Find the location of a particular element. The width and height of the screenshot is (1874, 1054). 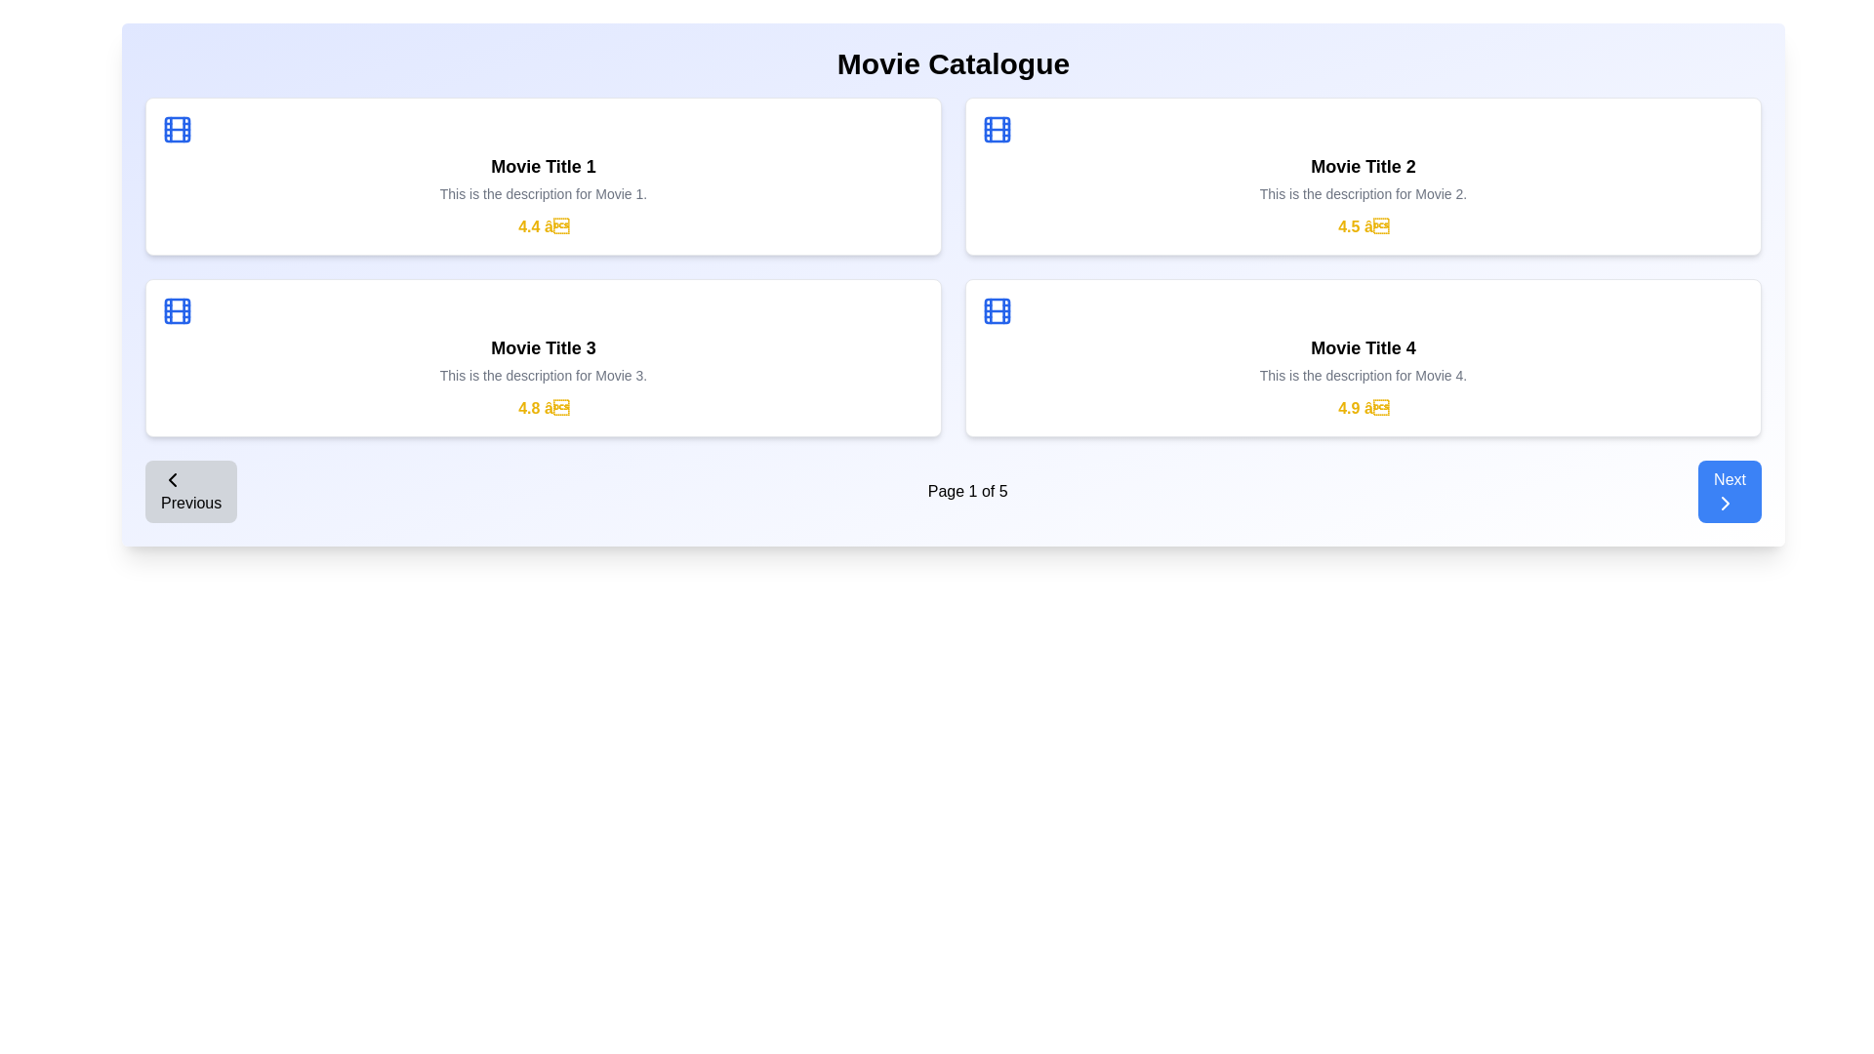

the Rating display label located within the movie card for 'Movie Title 1', positioned below the description text and above other elements is located at coordinates (543, 225).